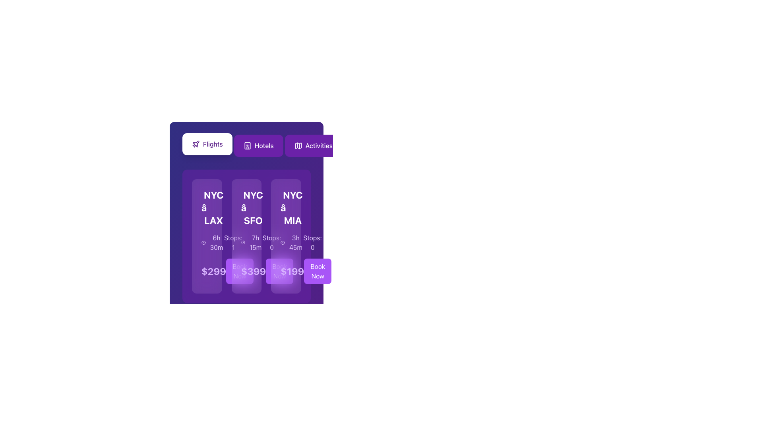 The width and height of the screenshot is (763, 429). What do you see at coordinates (196, 144) in the screenshot?
I see `the 'Flights' navigation tab icon located to the left of the 'Flights' tab button in the navigation bar` at bounding box center [196, 144].